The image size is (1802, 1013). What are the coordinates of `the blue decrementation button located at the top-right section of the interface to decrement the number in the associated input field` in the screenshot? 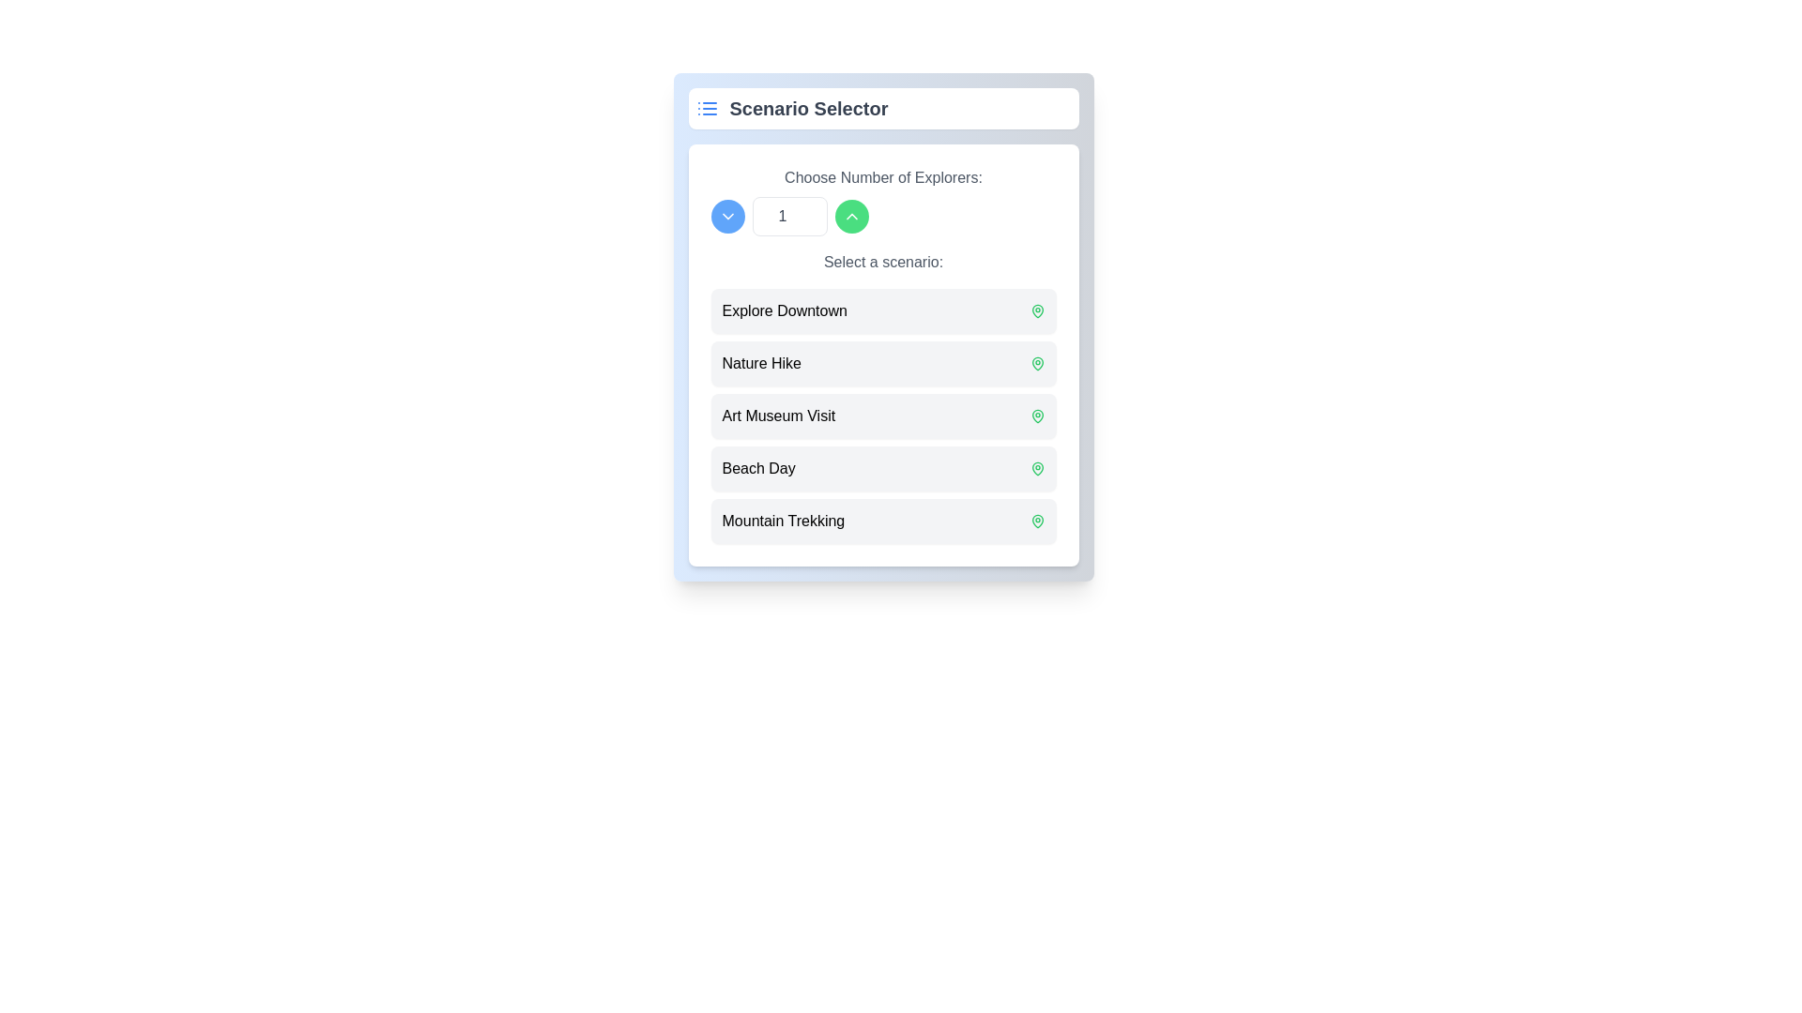 It's located at (726, 216).